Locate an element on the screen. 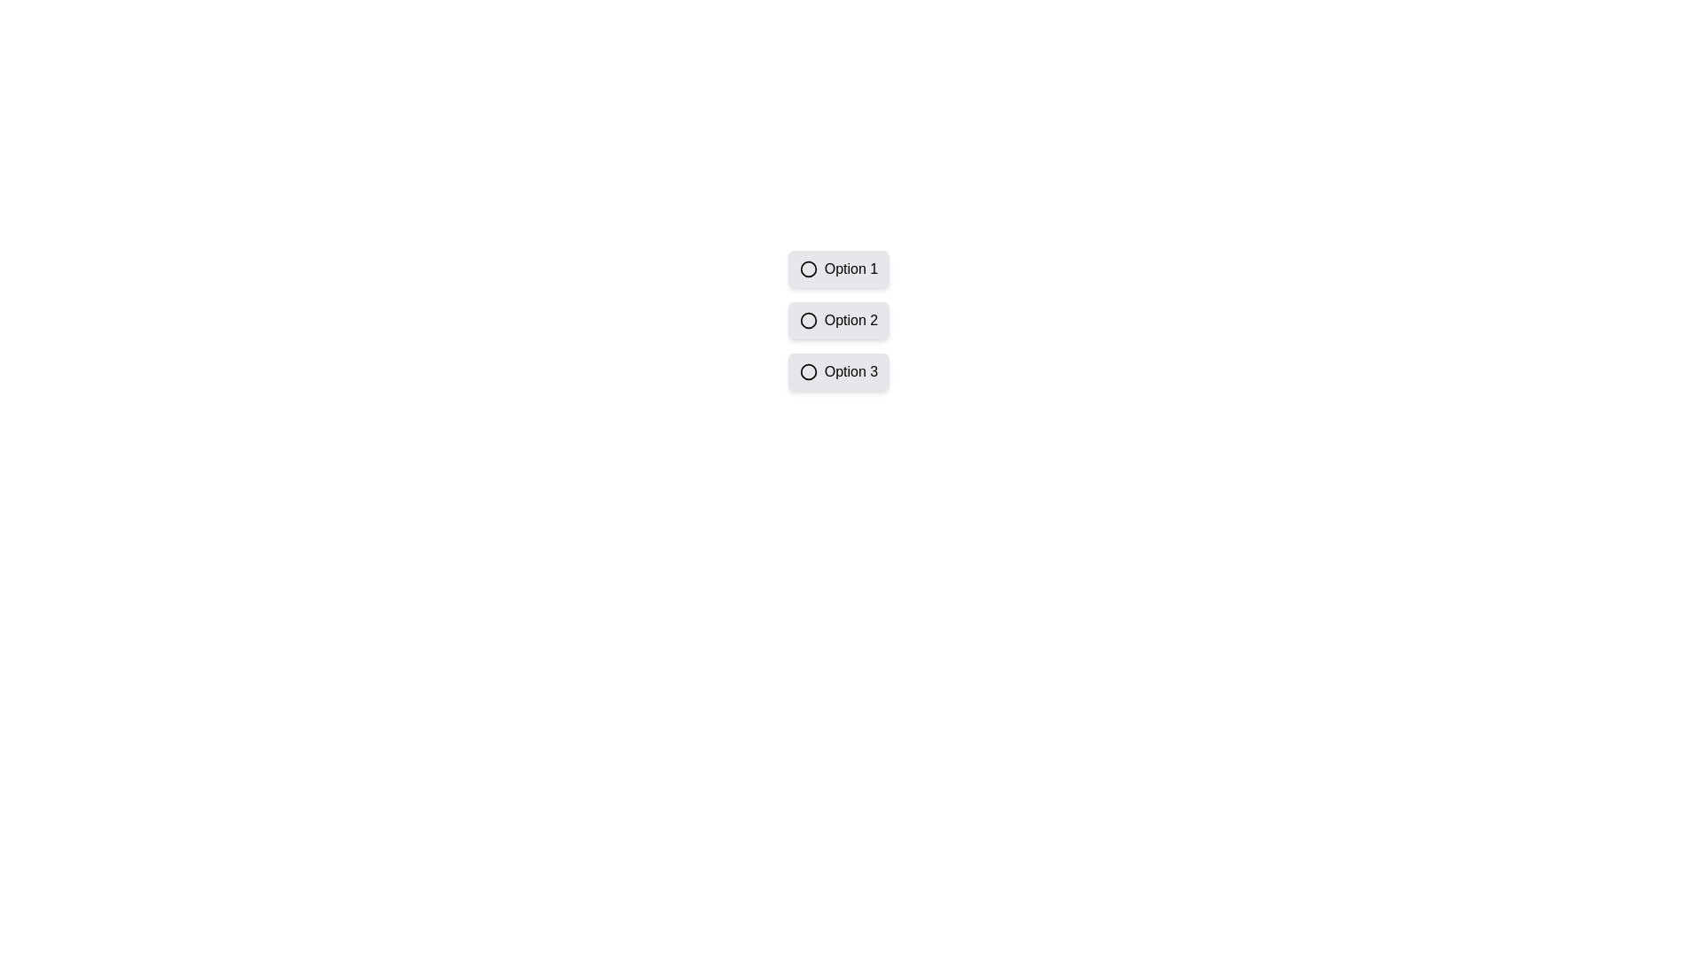  the radio button element, which is a circular shape without text, located in the second option group of three vertically stacked options is located at coordinates (807, 321).